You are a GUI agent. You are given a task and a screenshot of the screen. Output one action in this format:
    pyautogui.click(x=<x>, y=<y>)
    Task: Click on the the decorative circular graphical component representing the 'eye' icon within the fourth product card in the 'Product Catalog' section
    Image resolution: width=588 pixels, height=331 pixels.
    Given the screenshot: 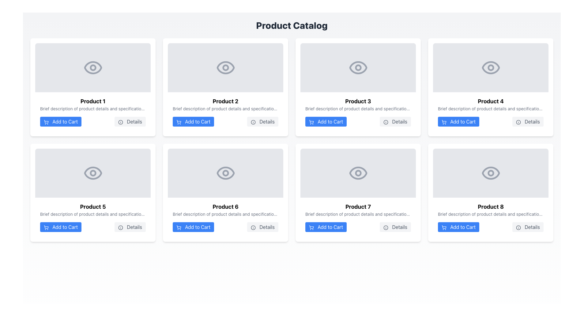 What is the action you would take?
    pyautogui.click(x=491, y=67)
    